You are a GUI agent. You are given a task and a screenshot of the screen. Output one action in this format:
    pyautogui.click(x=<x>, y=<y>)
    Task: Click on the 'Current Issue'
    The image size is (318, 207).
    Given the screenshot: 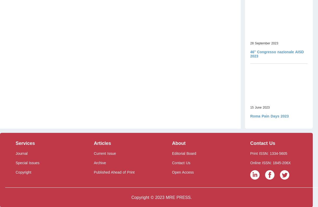 What is the action you would take?
    pyautogui.click(x=105, y=153)
    